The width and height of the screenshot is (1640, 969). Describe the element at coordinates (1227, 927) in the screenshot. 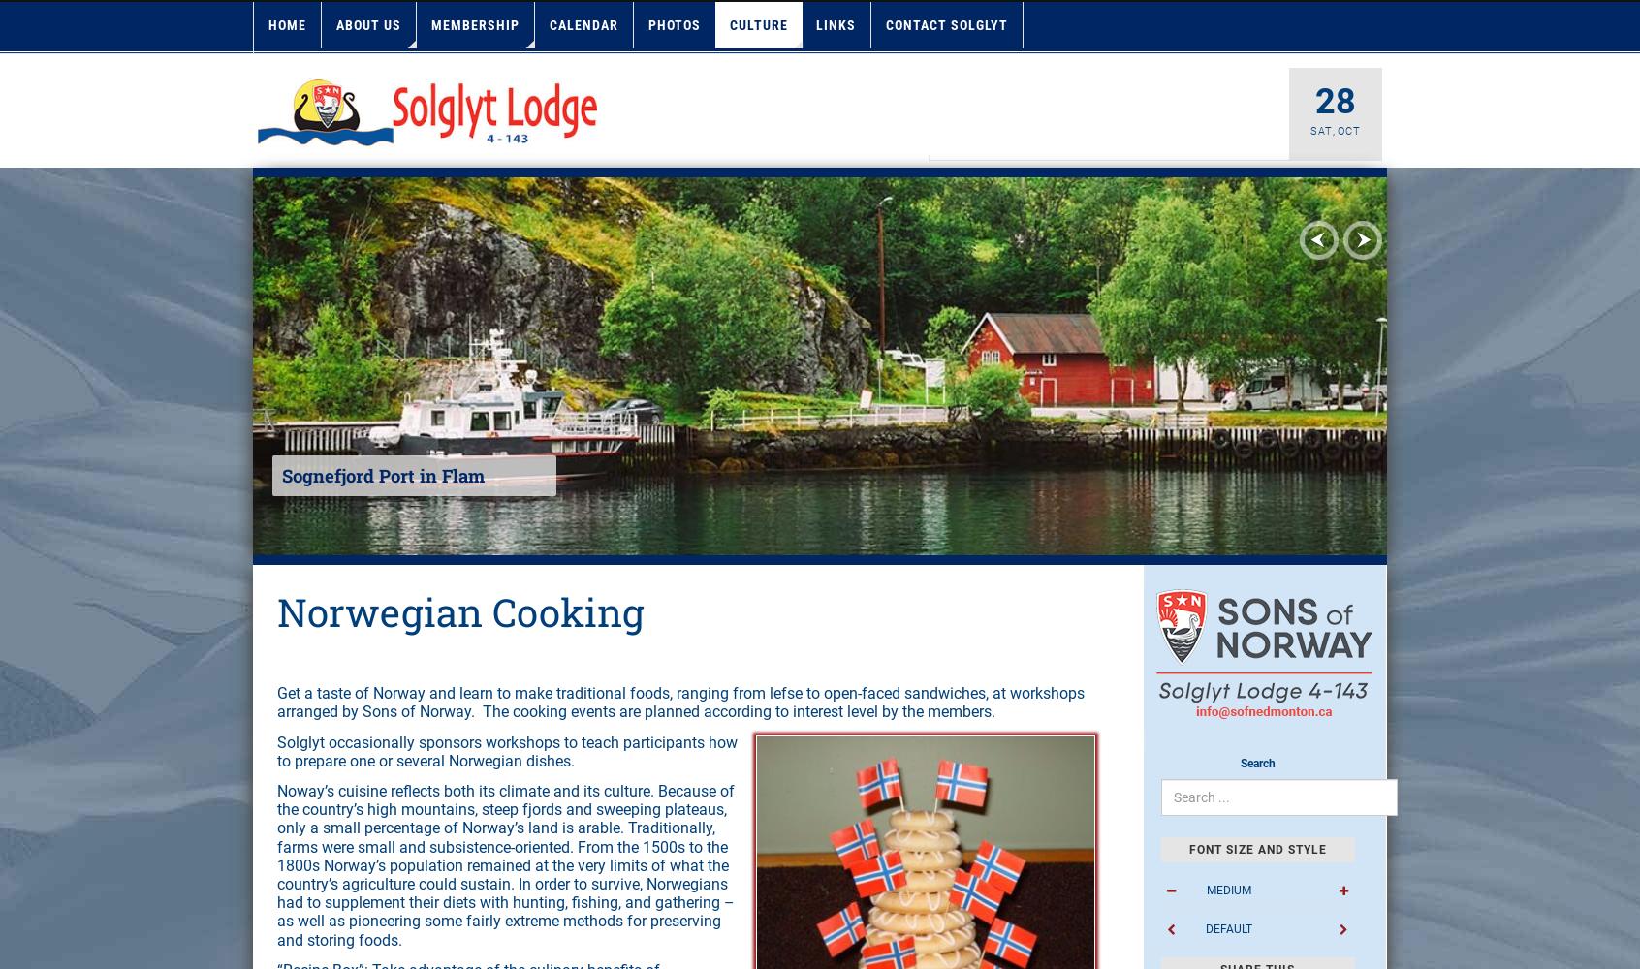

I see `'Default'` at that location.